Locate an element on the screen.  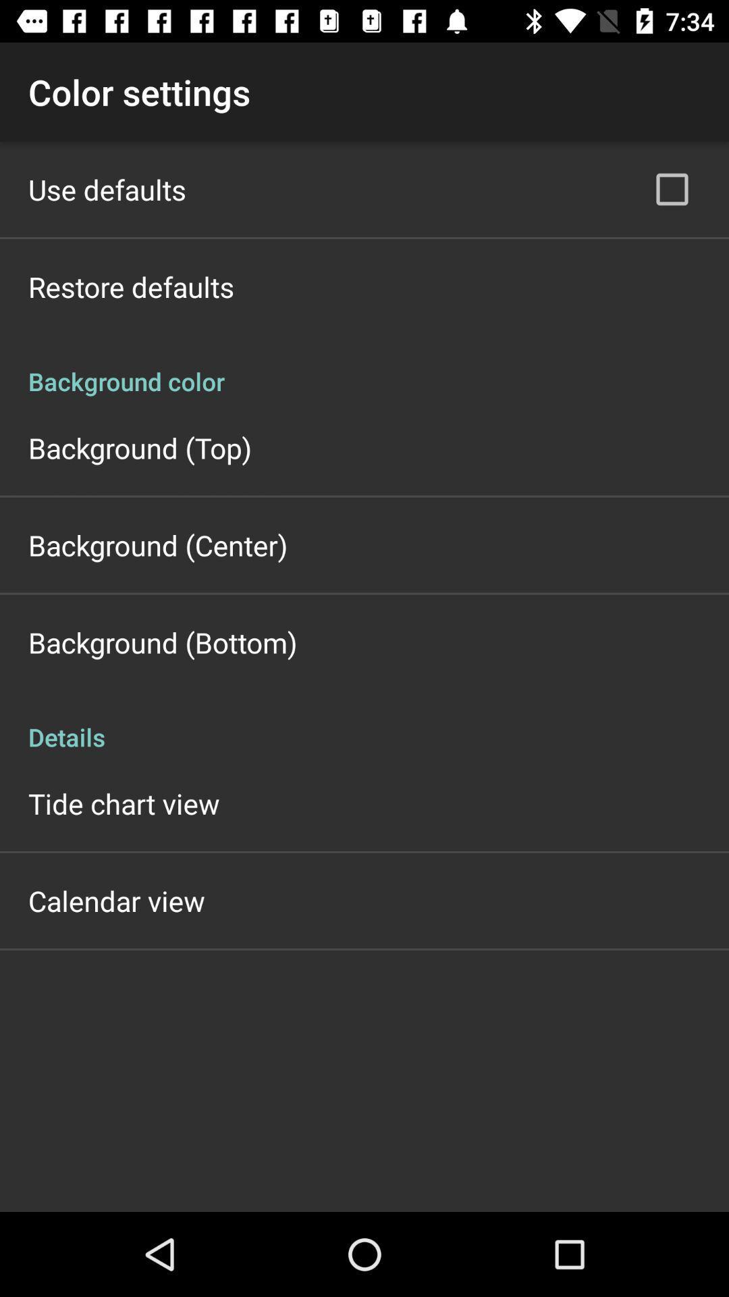
background color icon is located at coordinates (364, 367).